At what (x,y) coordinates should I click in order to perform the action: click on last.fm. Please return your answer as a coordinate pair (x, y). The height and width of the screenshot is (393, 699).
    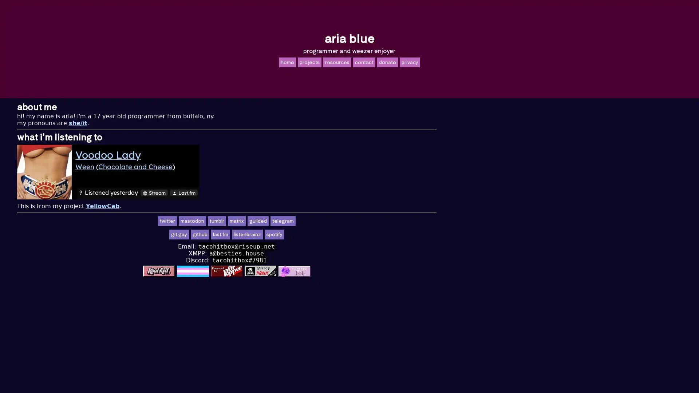
    Looking at the image, I should click on (343, 234).